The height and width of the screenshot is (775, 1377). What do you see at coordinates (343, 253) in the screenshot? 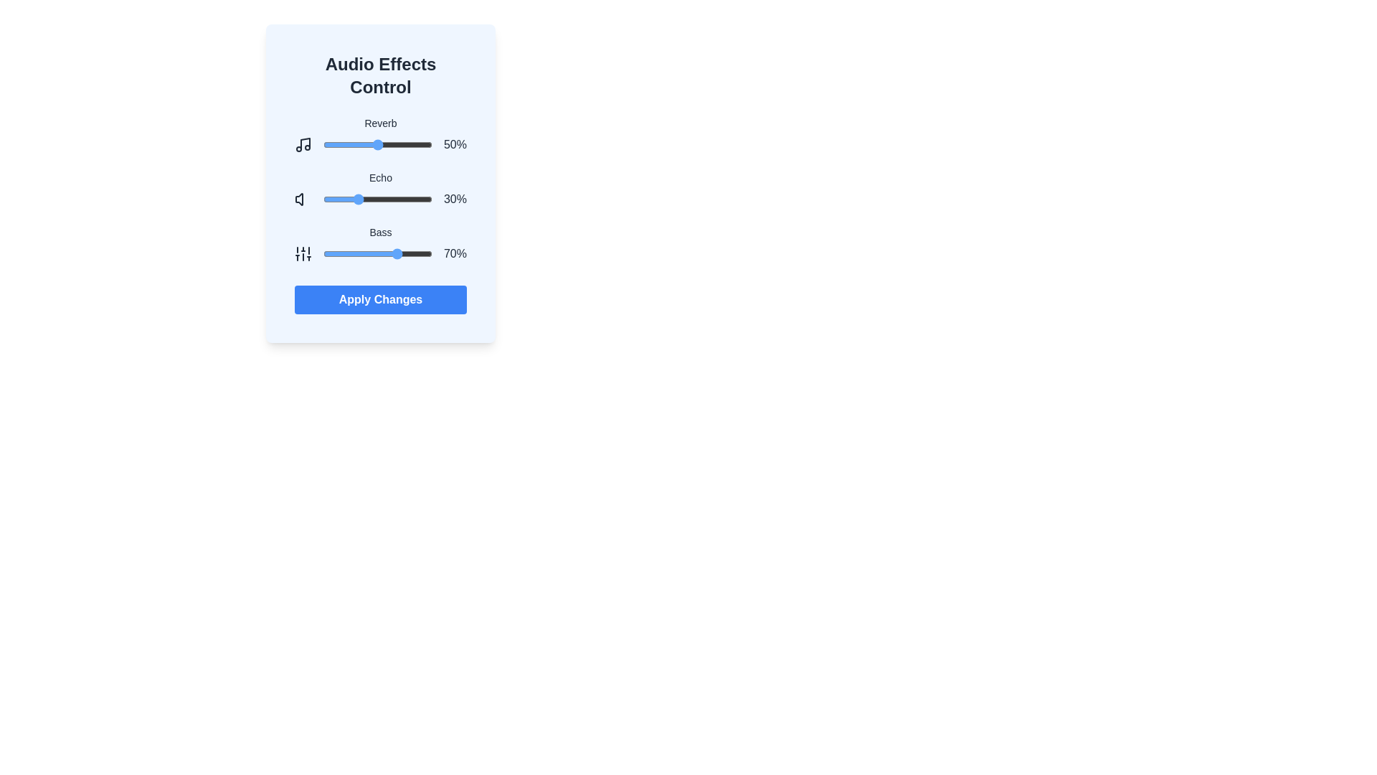
I see `the bass effect` at bounding box center [343, 253].